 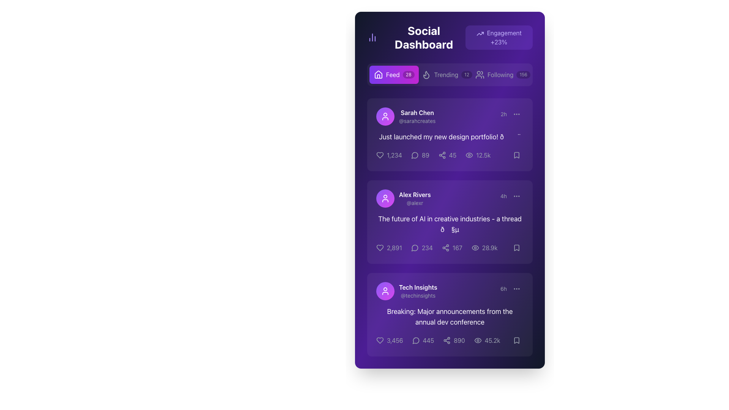 What do you see at coordinates (445, 248) in the screenshot?
I see `the connection or sharing functionality icon, which is a series of interconnected circular nodes located second from the left` at bounding box center [445, 248].